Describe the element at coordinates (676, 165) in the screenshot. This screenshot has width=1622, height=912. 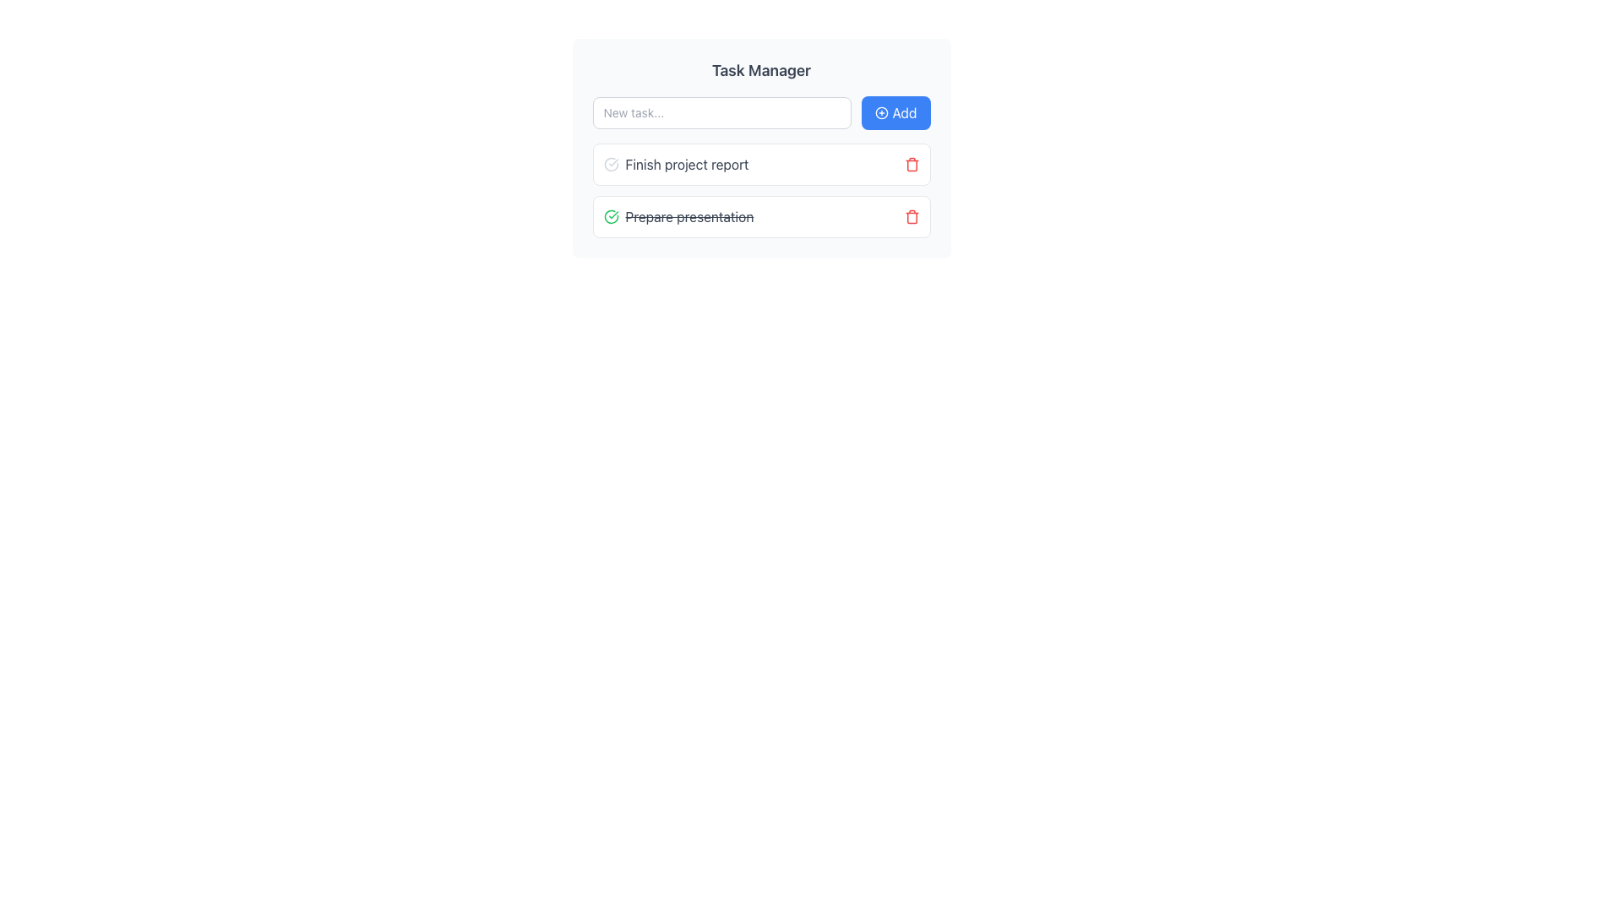
I see `the task name label in the task manager interface, which is the first item in a vertical list under the 'Task Manager' header` at that location.